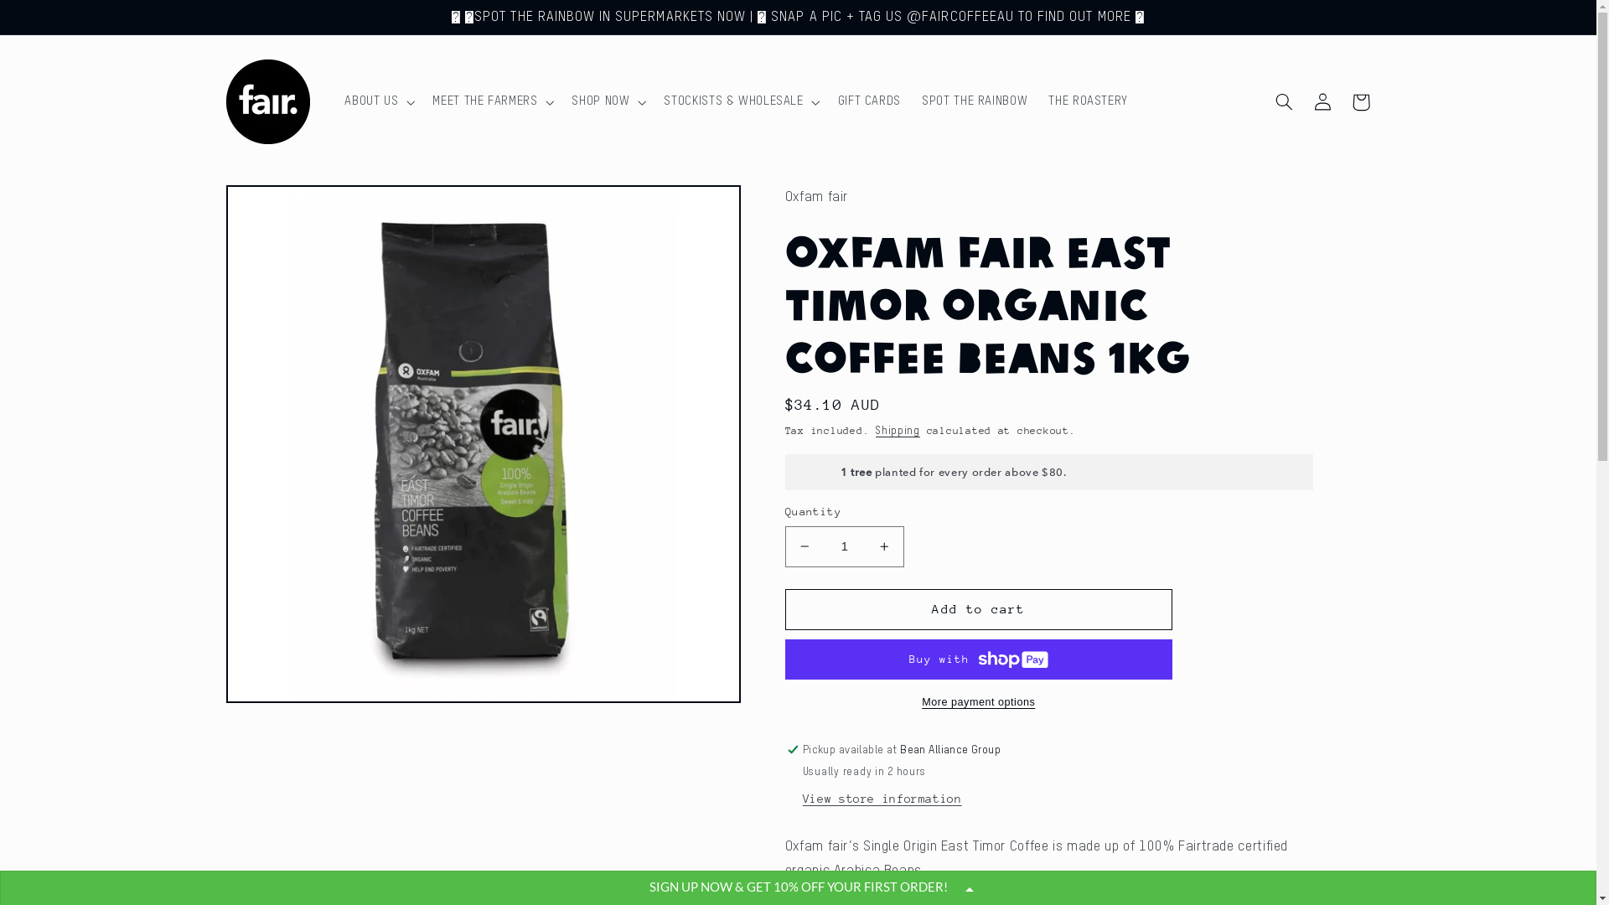 The image size is (1609, 905). What do you see at coordinates (978, 702) in the screenshot?
I see `'More payment options'` at bounding box center [978, 702].